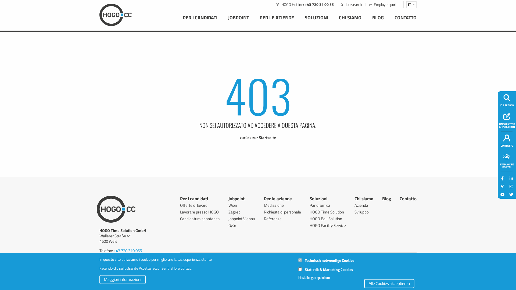  I want to click on 'Job search', so click(351, 4).